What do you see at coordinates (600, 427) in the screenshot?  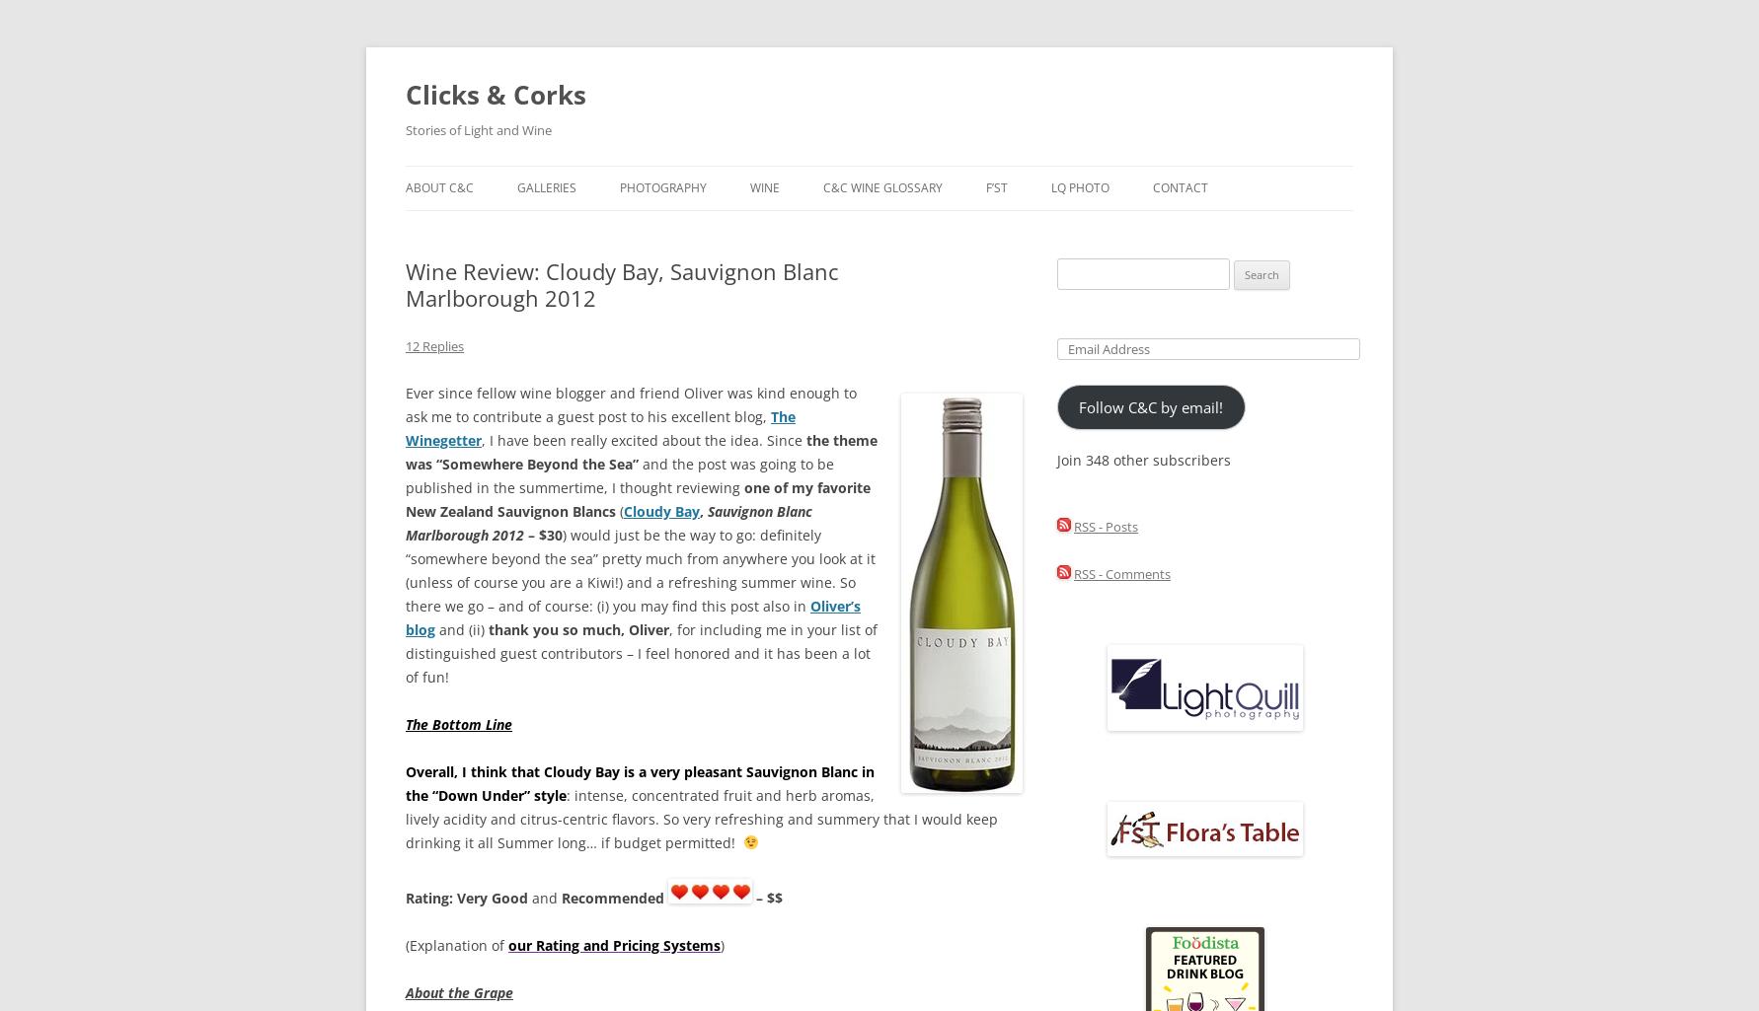 I see `'The Winegetter'` at bounding box center [600, 427].